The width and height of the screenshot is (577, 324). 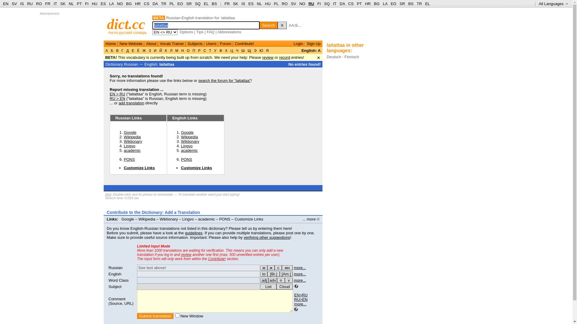 I want to click on 'Contribute to the Dictionary: Add a Translation', so click(x=153, y=212).